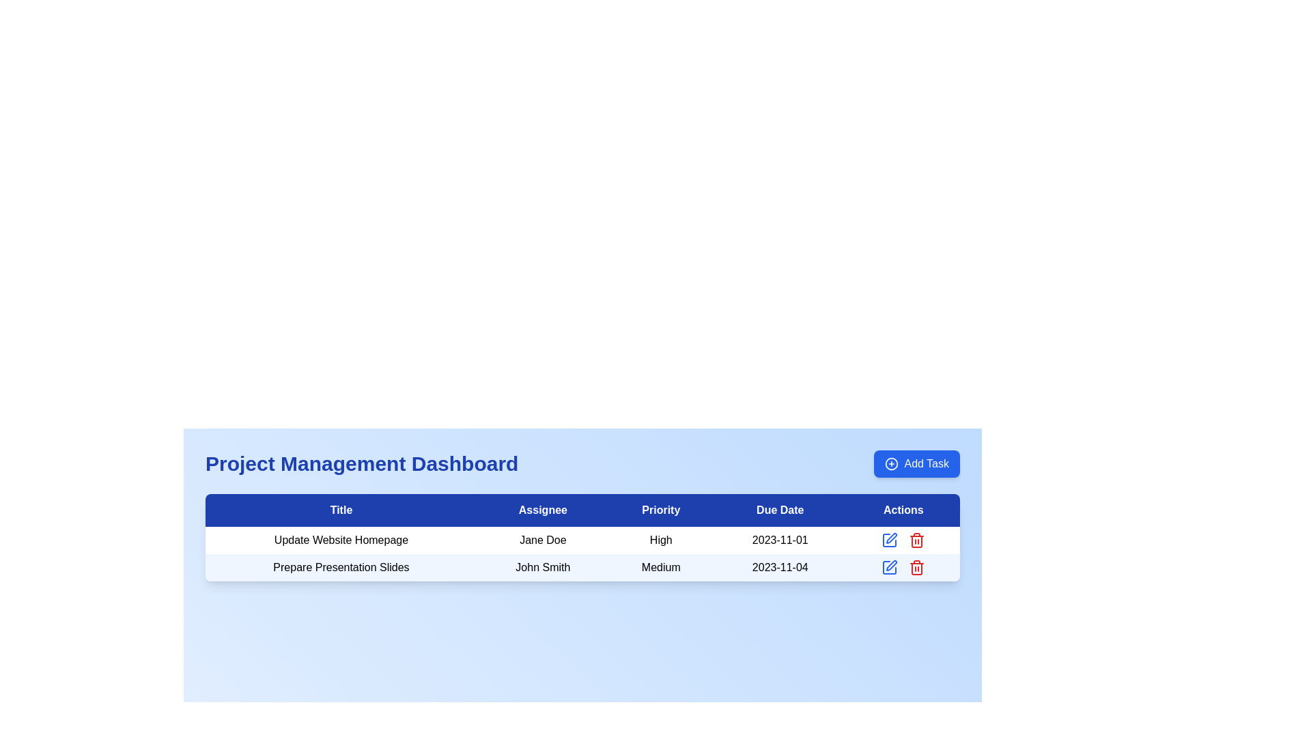 The height and width of the screenshot is (737, 1311). I want to click on the descriptive label in the second row of the table under the 'Title' column, which is located to the left of the 'John Smith' text in the 'Assignee' column, so click(341, 568).